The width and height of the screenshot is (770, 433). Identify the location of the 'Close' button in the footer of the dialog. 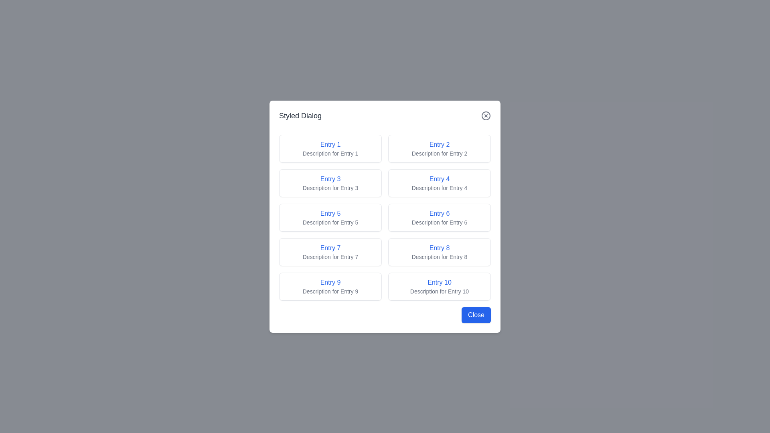
(476, 314).